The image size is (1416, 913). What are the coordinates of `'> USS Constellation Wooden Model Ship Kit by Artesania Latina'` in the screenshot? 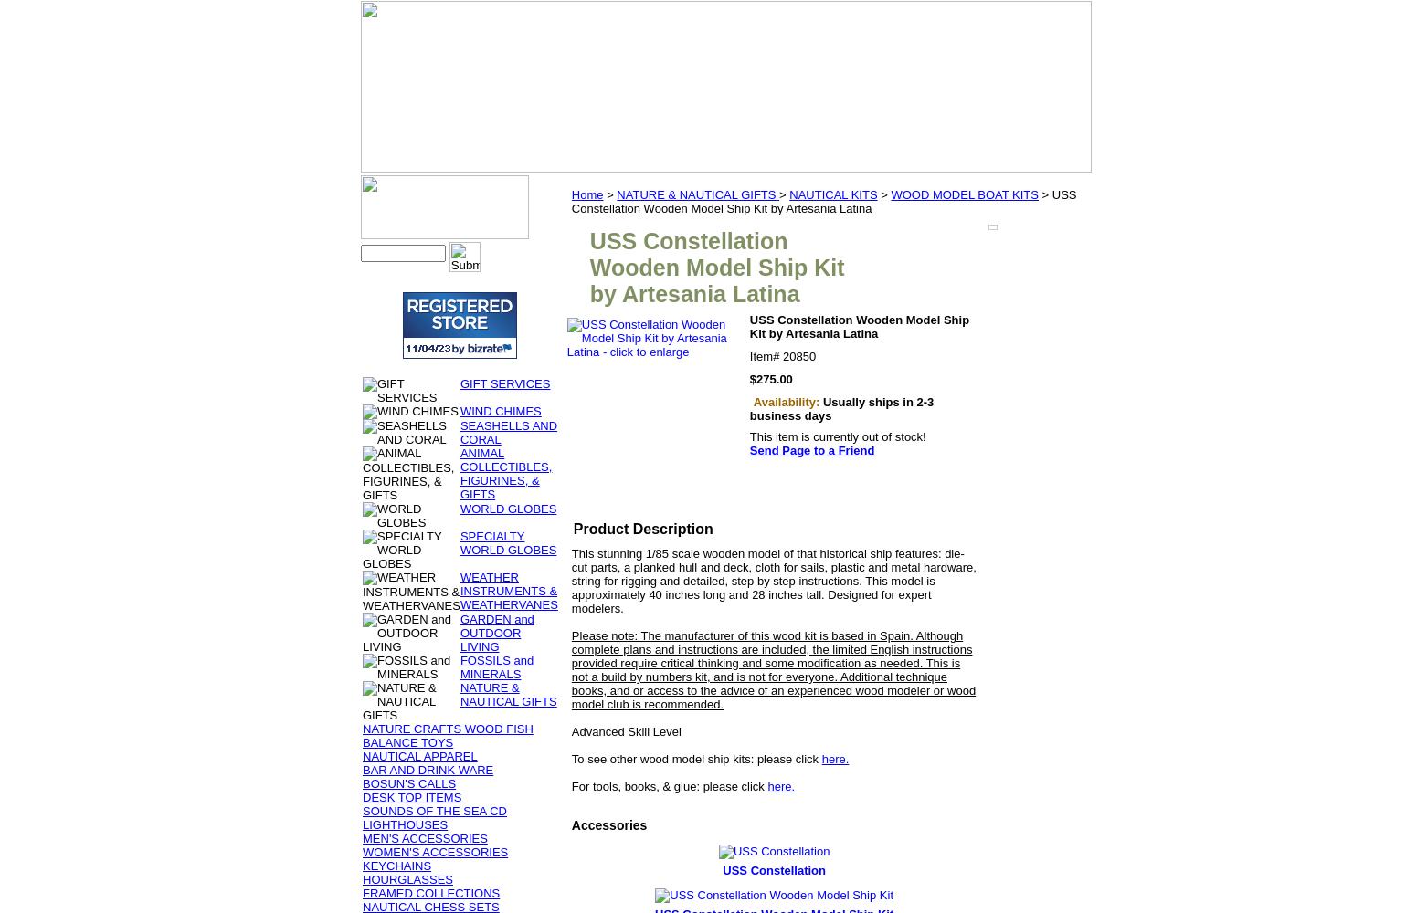 It's located at (823, 201).